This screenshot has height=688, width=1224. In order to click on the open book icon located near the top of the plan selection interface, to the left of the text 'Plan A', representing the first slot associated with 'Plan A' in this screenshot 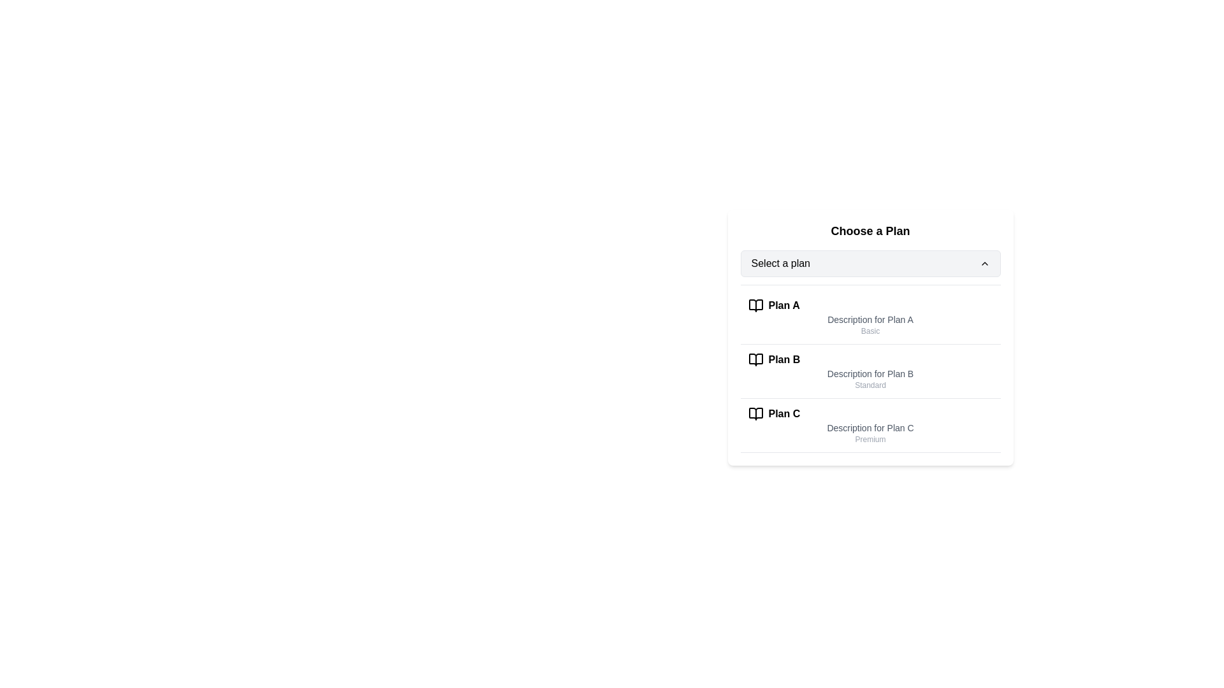, I will do `click(755, 305)`.